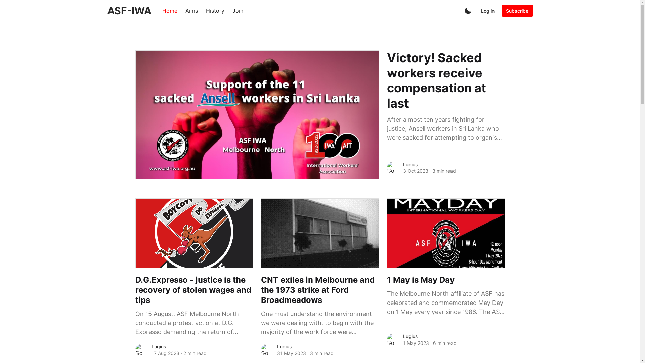 The image size is (645, 363). I want to click on 'Go to the profile of Lugius', so click(141, 350).